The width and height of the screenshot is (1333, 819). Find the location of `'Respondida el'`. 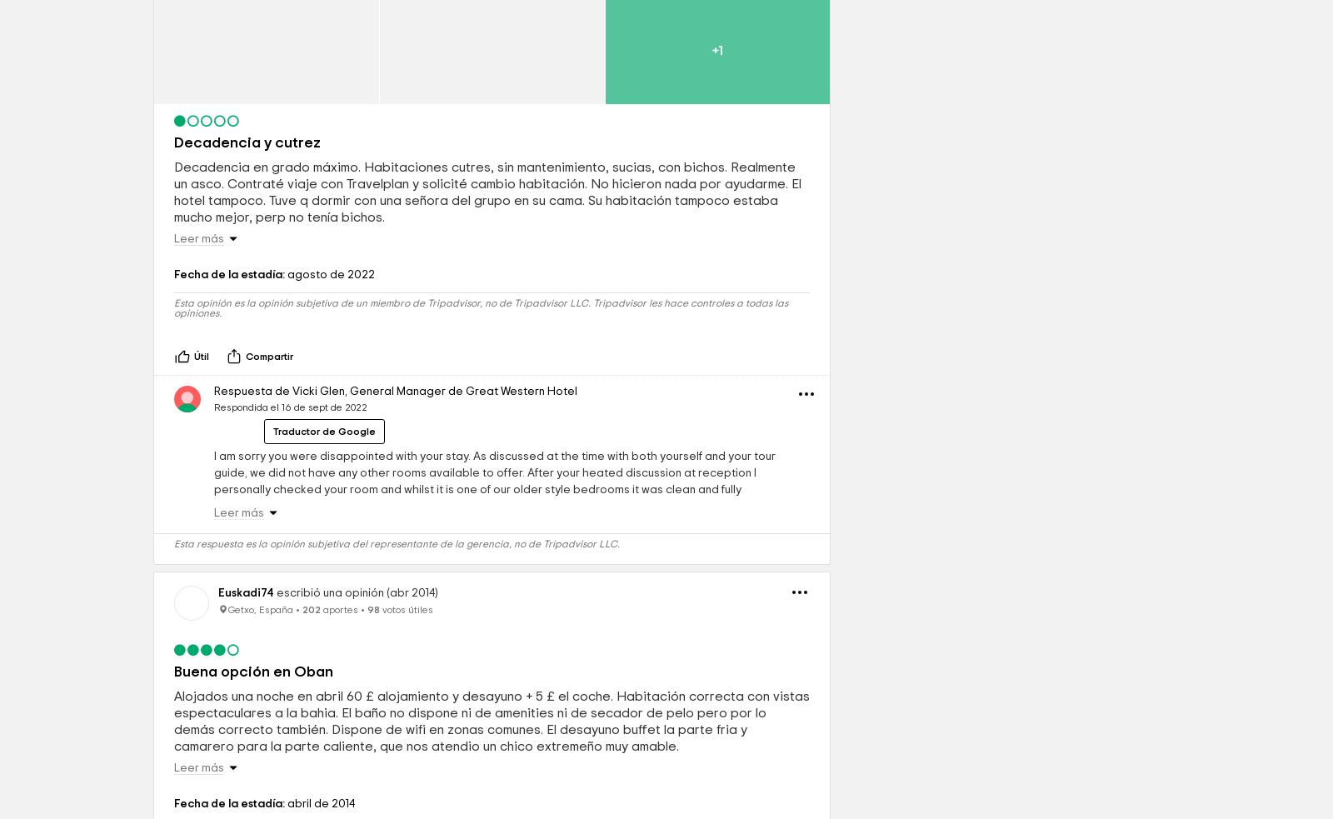

'Respondida el' is located at coordinates (247, 523).